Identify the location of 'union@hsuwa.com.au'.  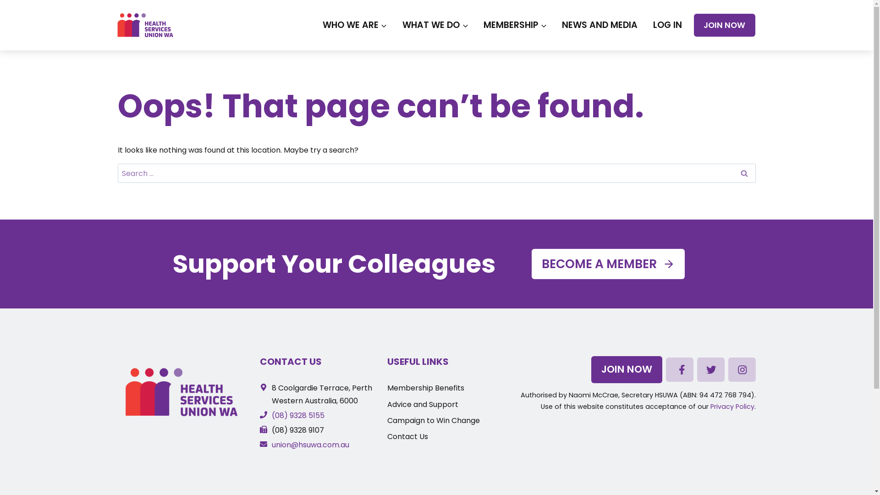
(259, 444).